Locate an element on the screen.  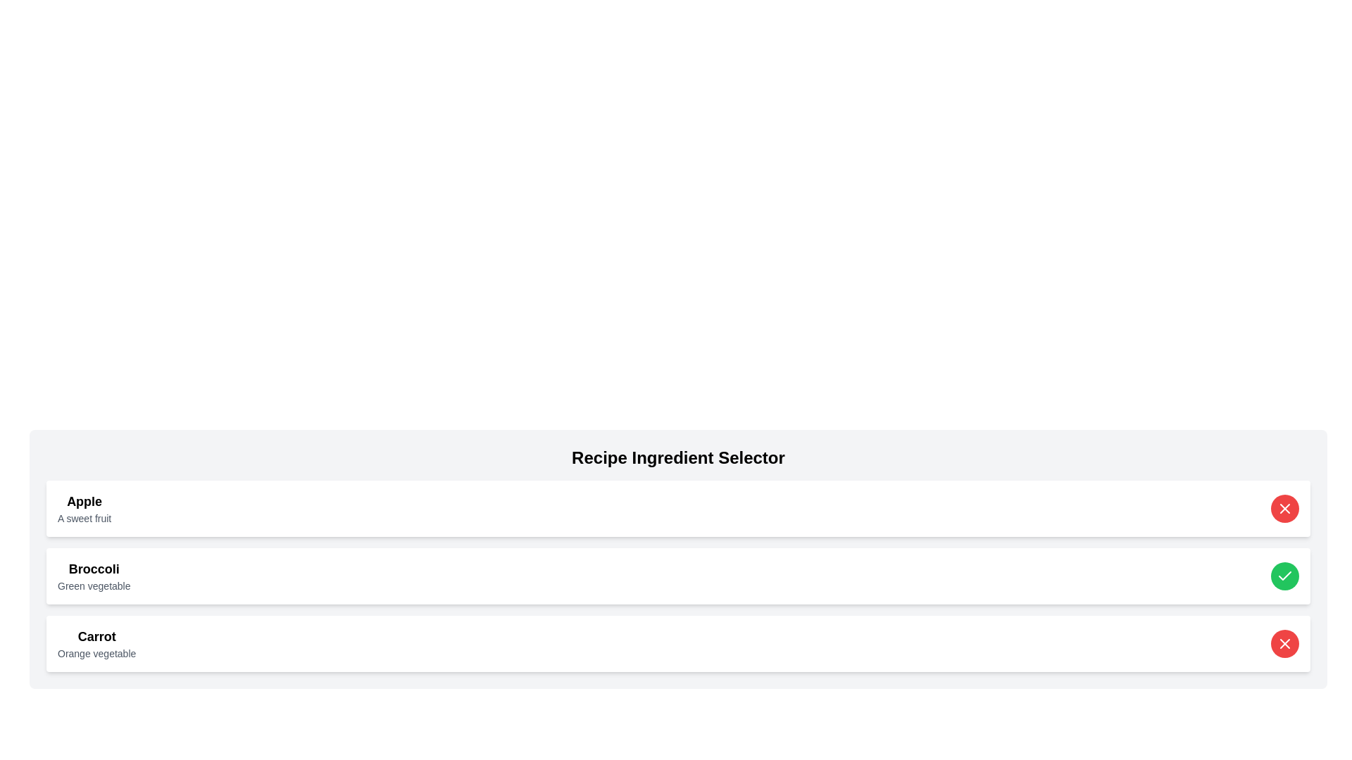
the red circular button with a white 'X' icon is located at coordinates (1284, 508).